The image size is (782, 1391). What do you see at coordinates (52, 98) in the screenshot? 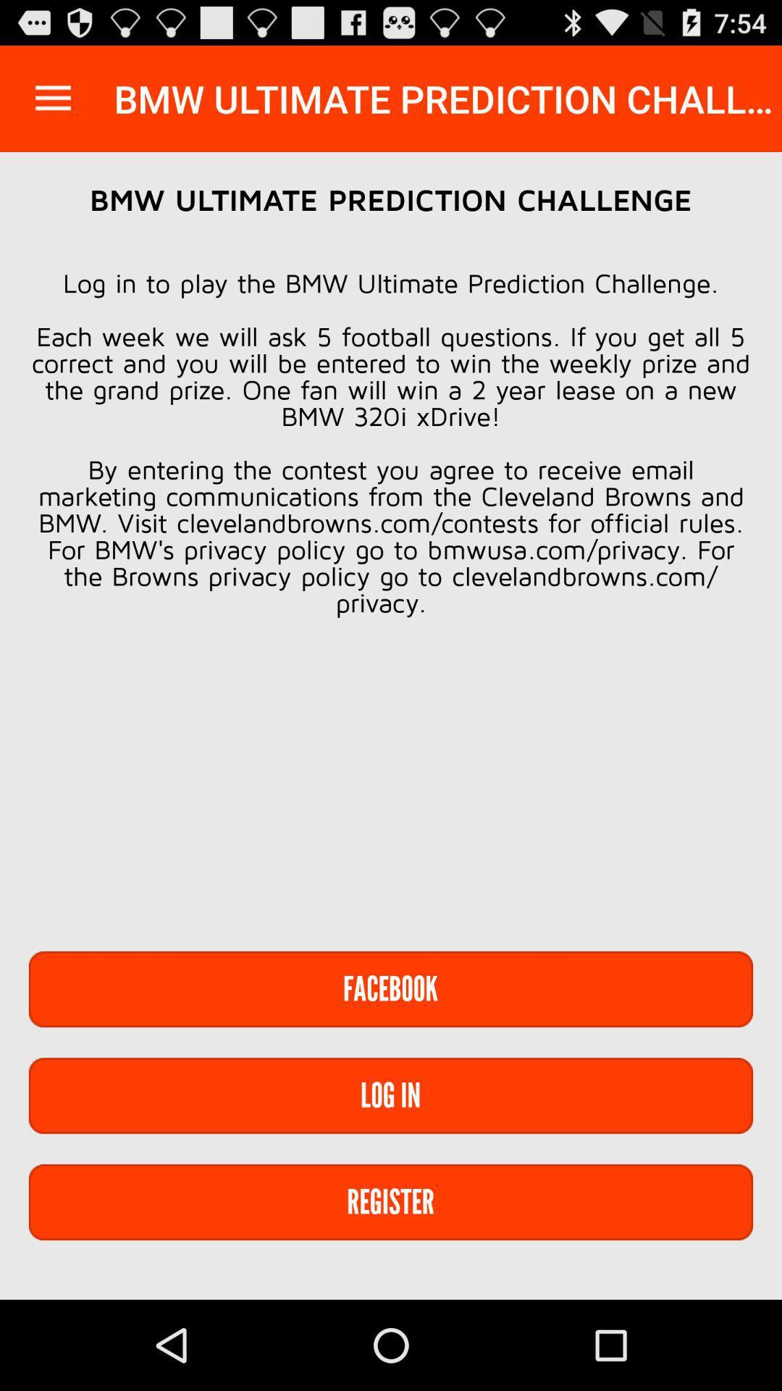
I see `the app to the left of the bmw ultimate prediction` at bounding box center [52, 98].